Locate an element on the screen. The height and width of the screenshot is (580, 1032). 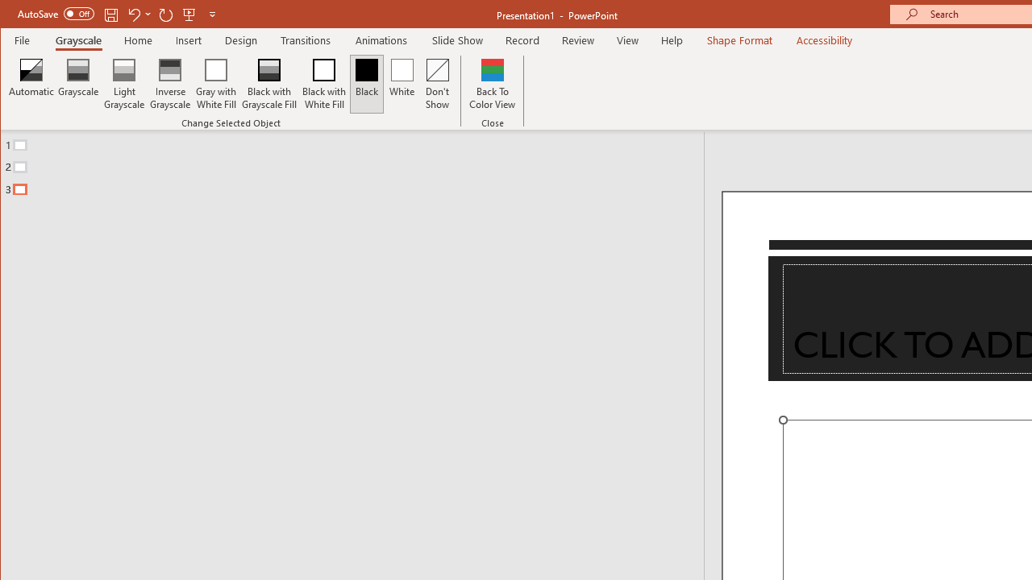
'Customize Quick Access Toolbar' is located at coordinates (211, 14).